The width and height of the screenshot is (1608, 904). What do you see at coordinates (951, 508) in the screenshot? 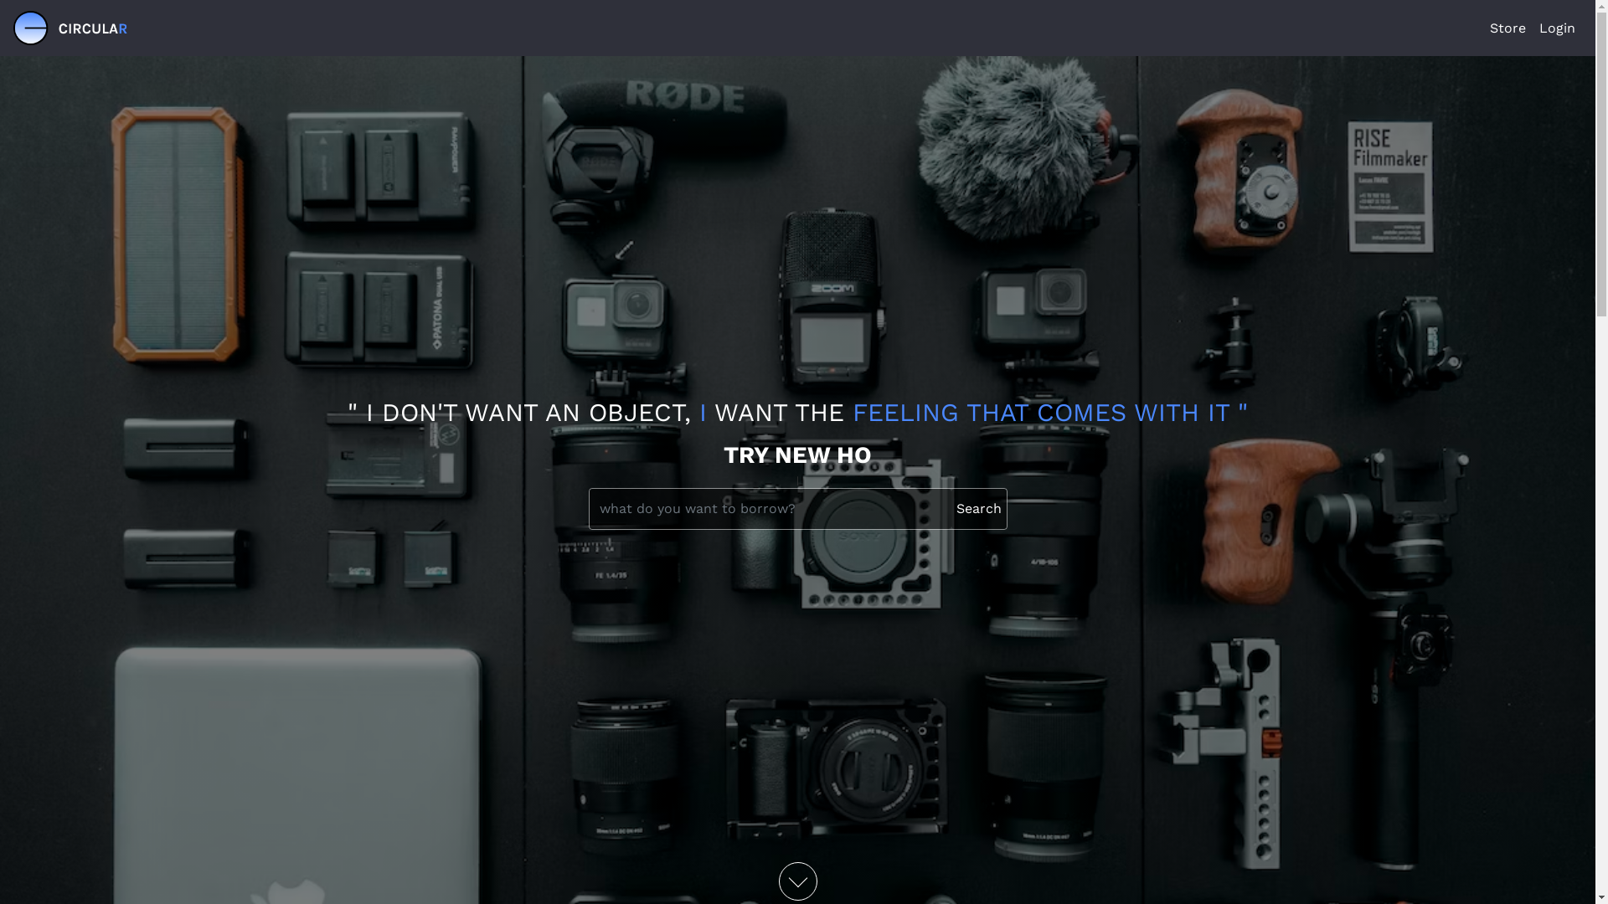
I see `'Search'` at bounding box center [951, 508].